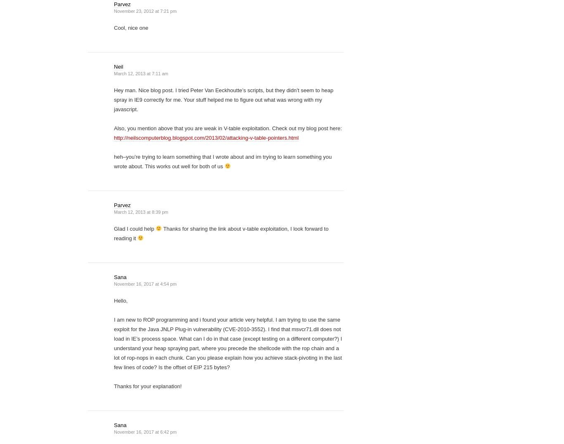 The height and width of the screenshot is (444, 564). What do you see at coordinates (221, 233) in the screenshot?
I see `'Thanks for sharing the link about v-table exploitation, I look forward to reading it'` at bounding box center [221, 233].